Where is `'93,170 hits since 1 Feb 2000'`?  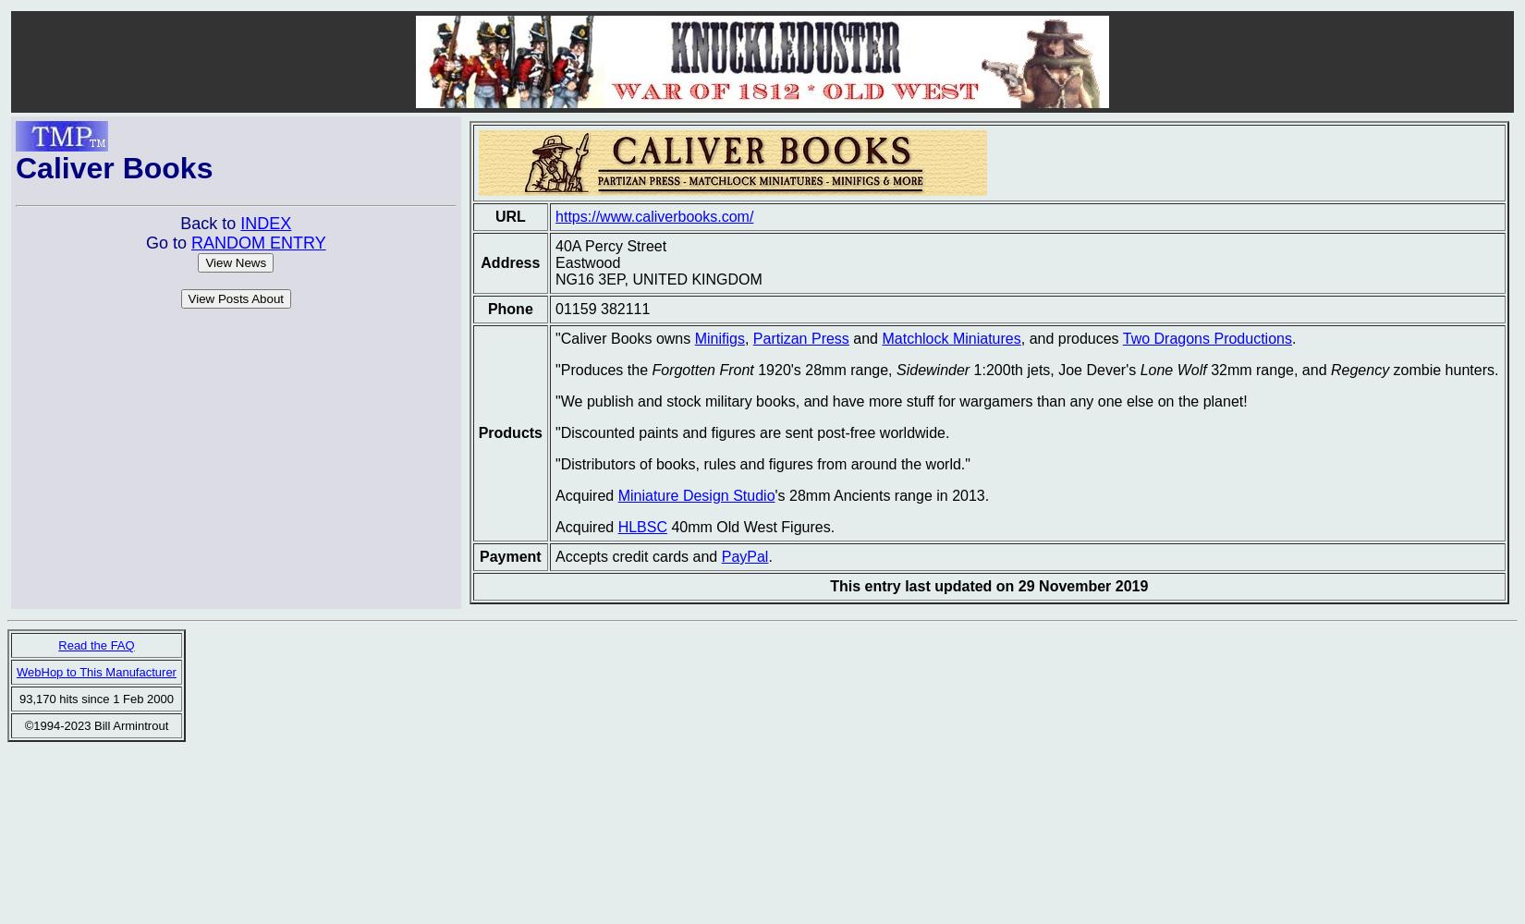 '93,170 hits since 1 Feb 2000' is located at coordinates (95, 699).